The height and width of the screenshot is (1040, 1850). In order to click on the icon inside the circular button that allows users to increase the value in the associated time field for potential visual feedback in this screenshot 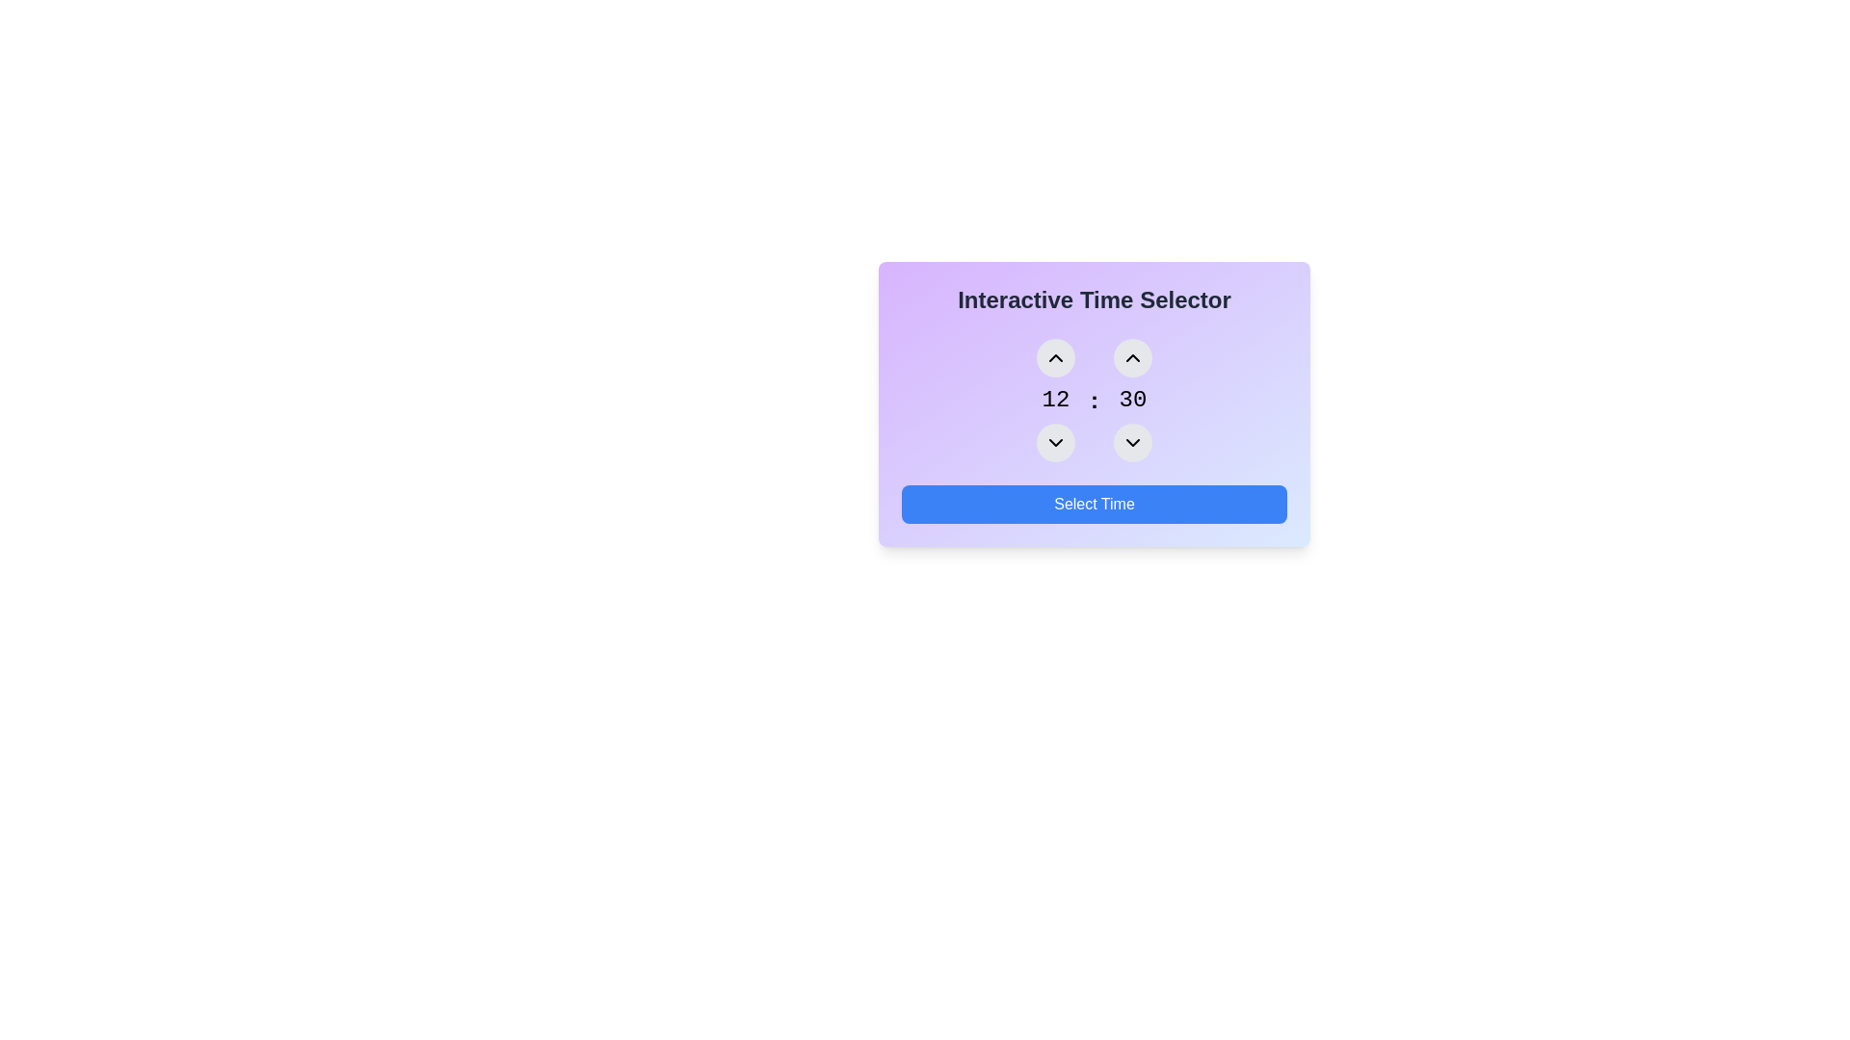, I will do `click(1133, 357)`.